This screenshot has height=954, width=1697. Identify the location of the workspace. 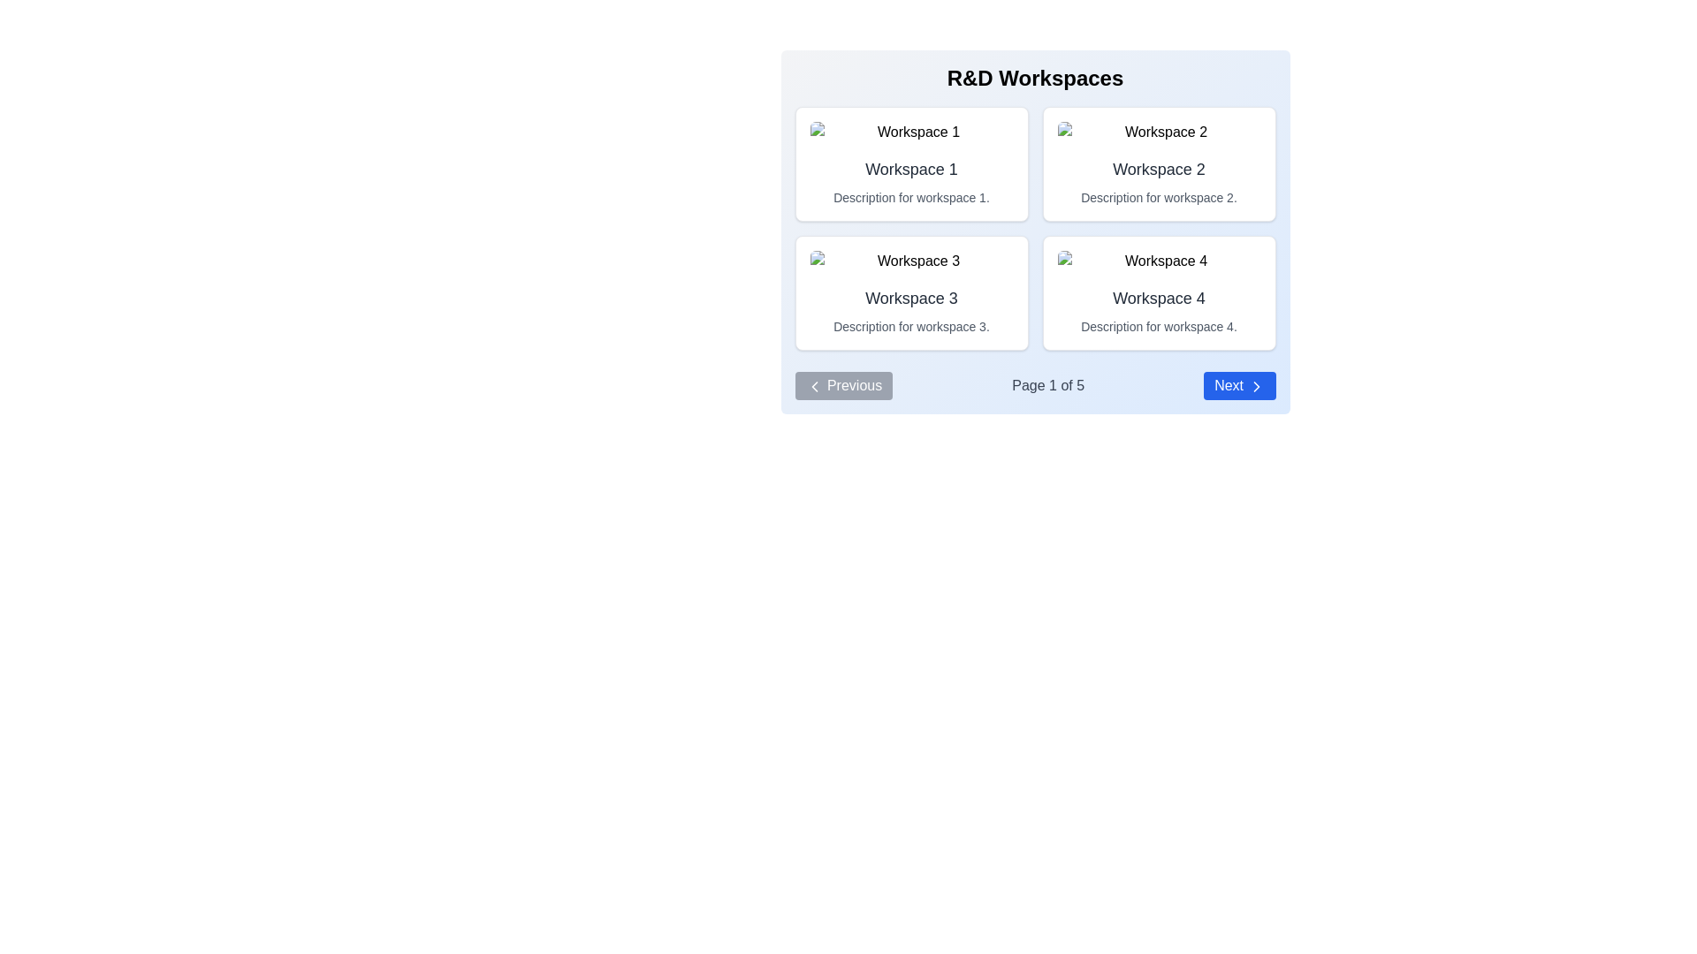
(911, 170).